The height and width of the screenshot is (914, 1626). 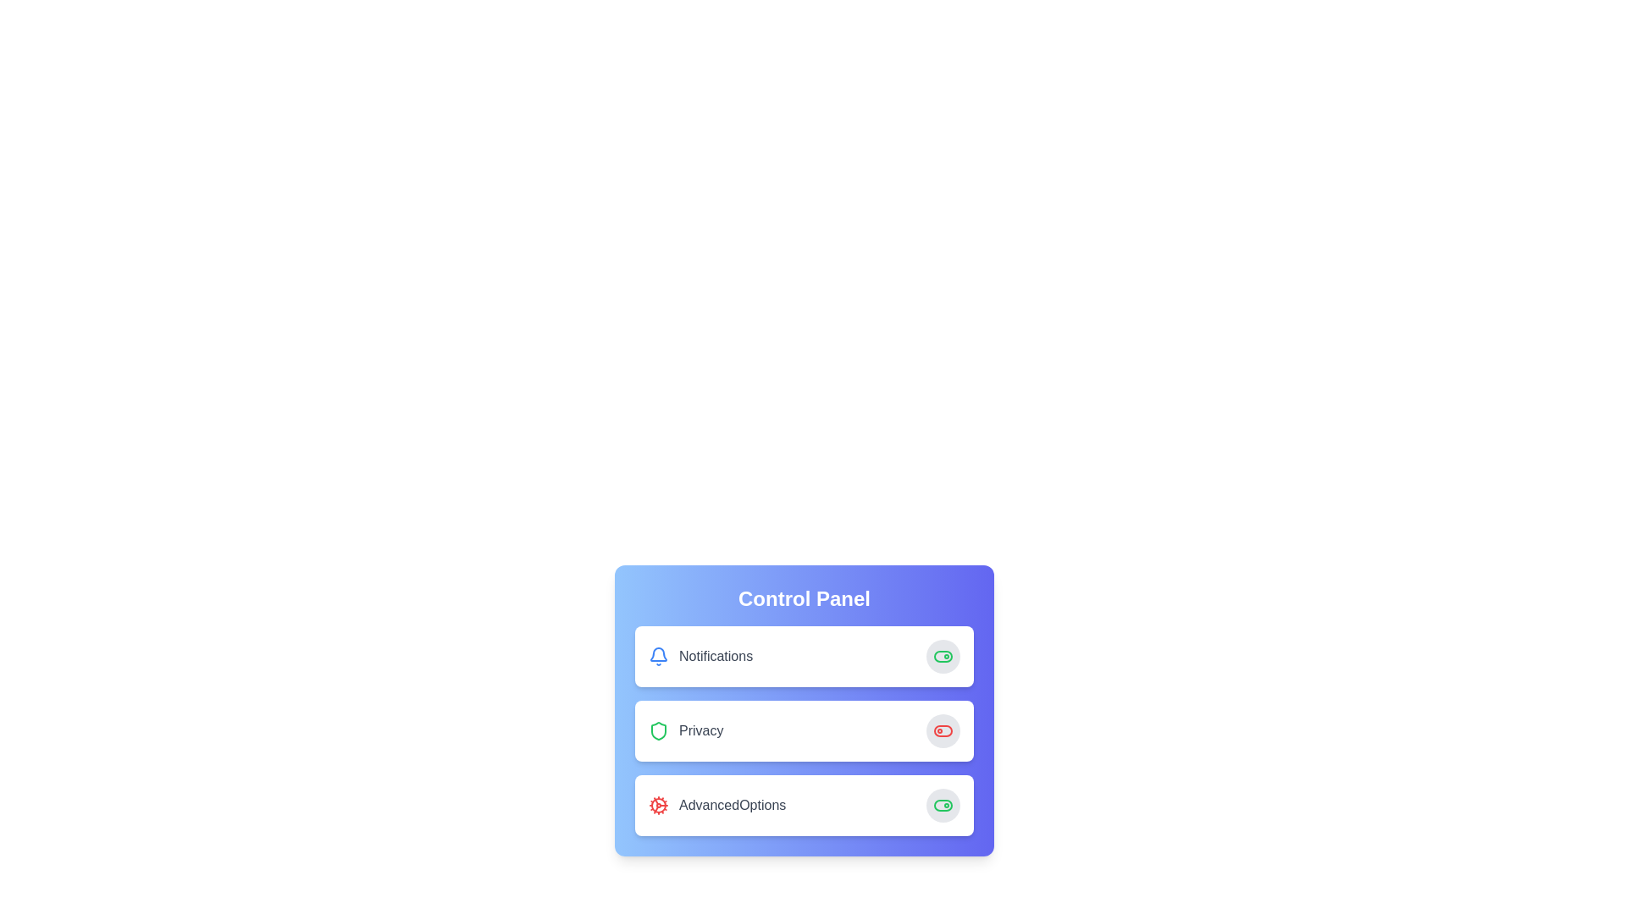 What do you see at coordinates (804, 730) in the screenshot?
I see `the toggle button on the 'Privacy' List Item with Toggle to change its state` at bounding box center [804, 730].